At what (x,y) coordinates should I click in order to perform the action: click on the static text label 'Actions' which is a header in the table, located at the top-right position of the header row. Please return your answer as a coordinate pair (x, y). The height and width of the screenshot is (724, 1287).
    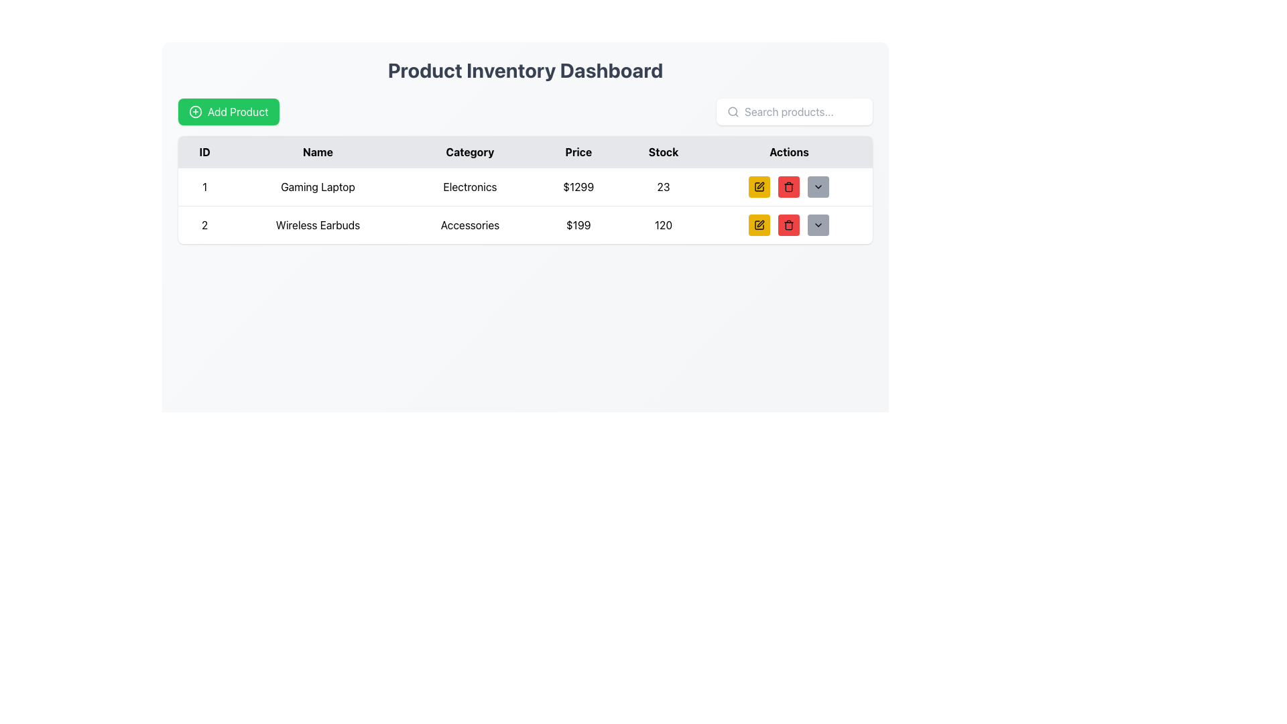
    Looking at the image, I should click on (789, 152).